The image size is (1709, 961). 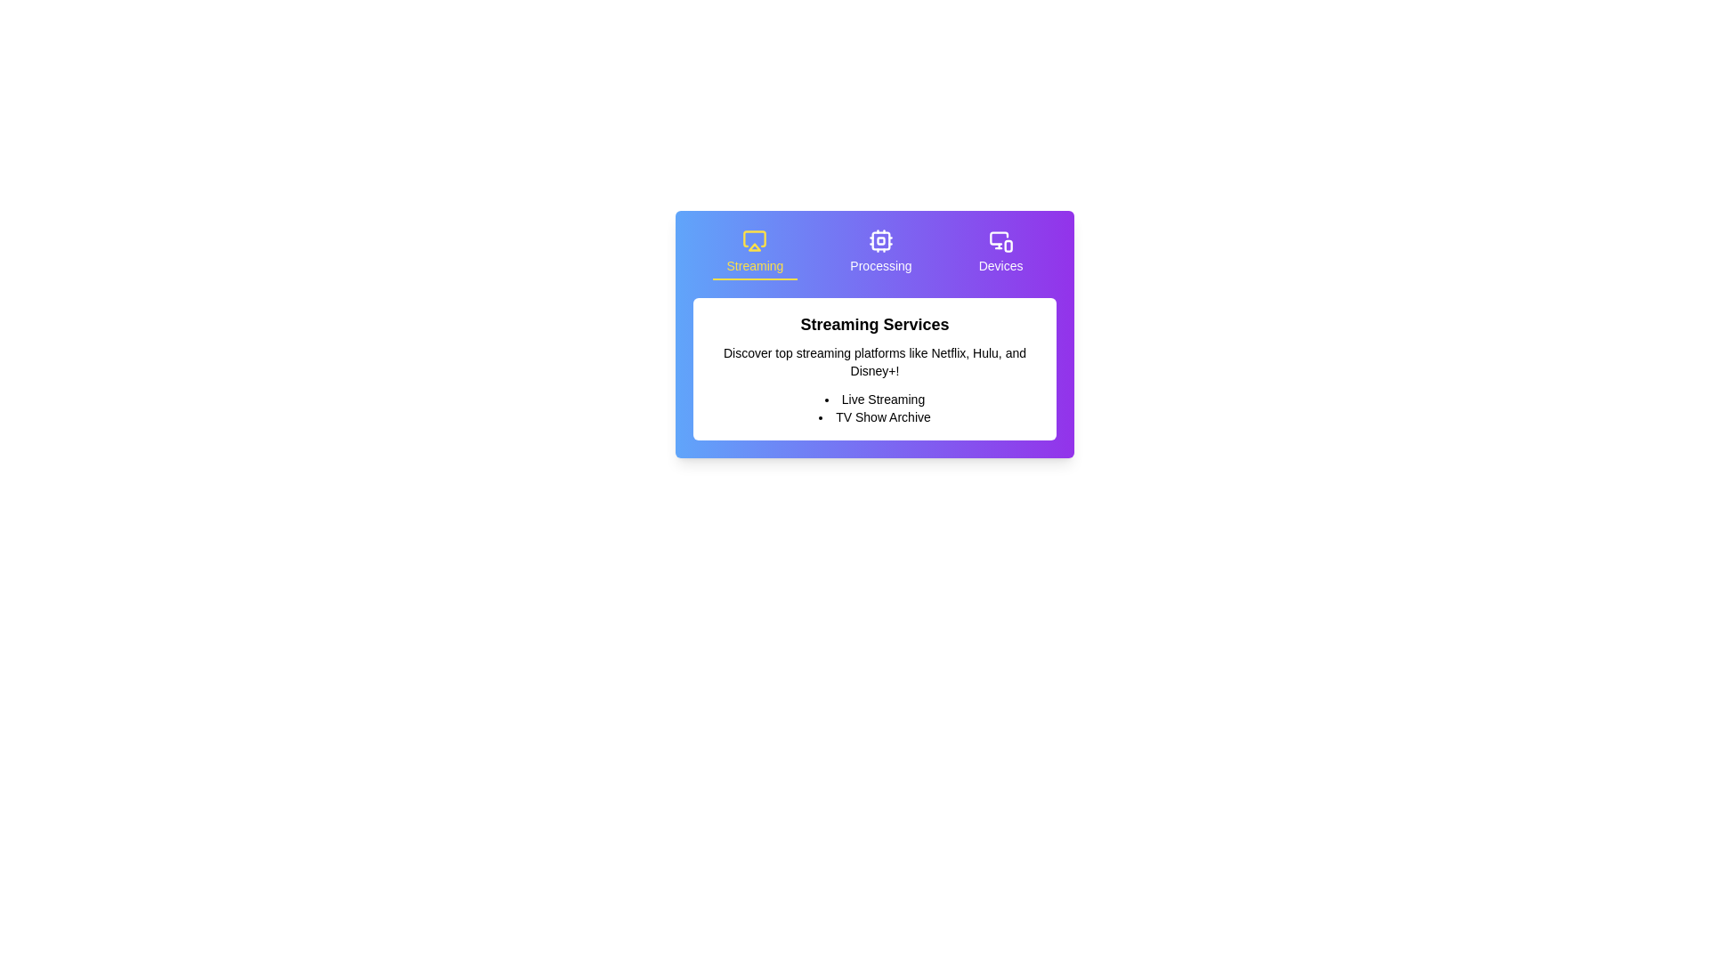 I want to click on the menu item for 'Devices' located at the top-right corner of the card interface, so click(x=1000, y=251).